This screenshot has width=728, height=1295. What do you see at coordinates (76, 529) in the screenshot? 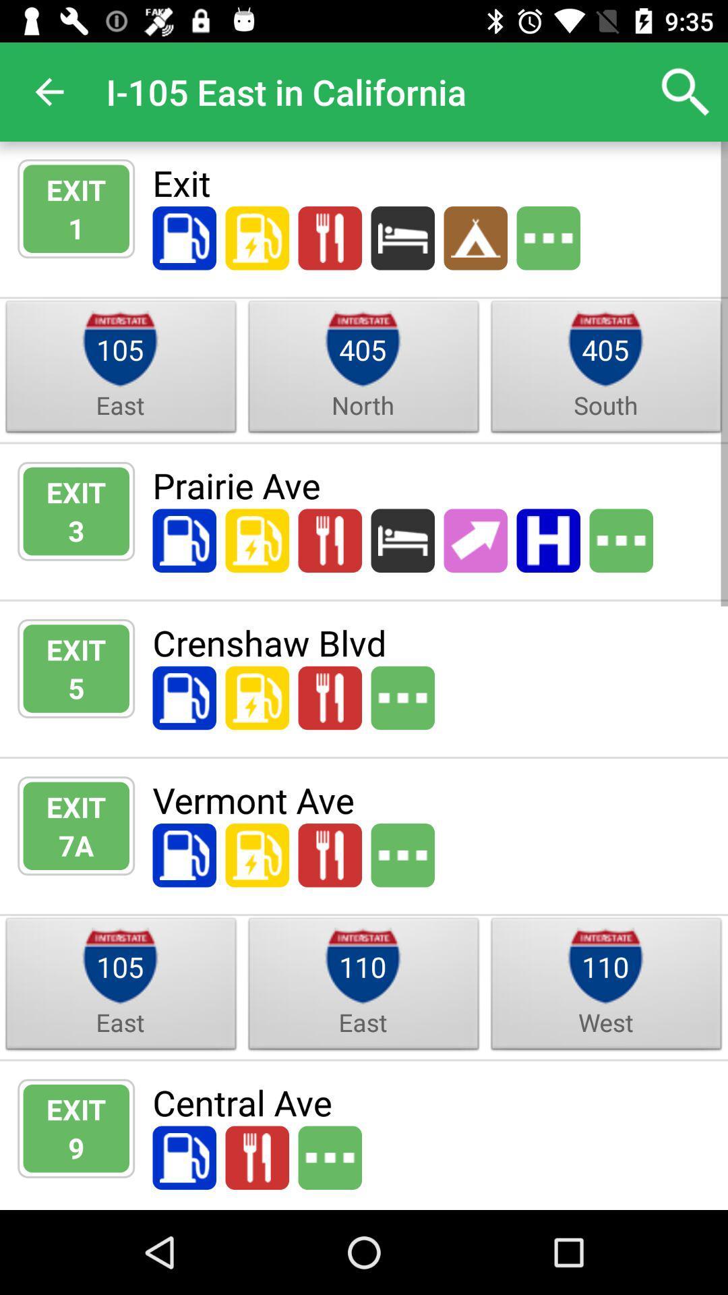
I see `item below exit icon` at bounding box center [76, 529].